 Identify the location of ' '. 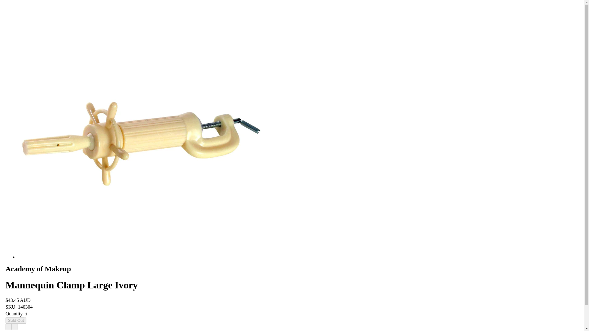
(9, 326).